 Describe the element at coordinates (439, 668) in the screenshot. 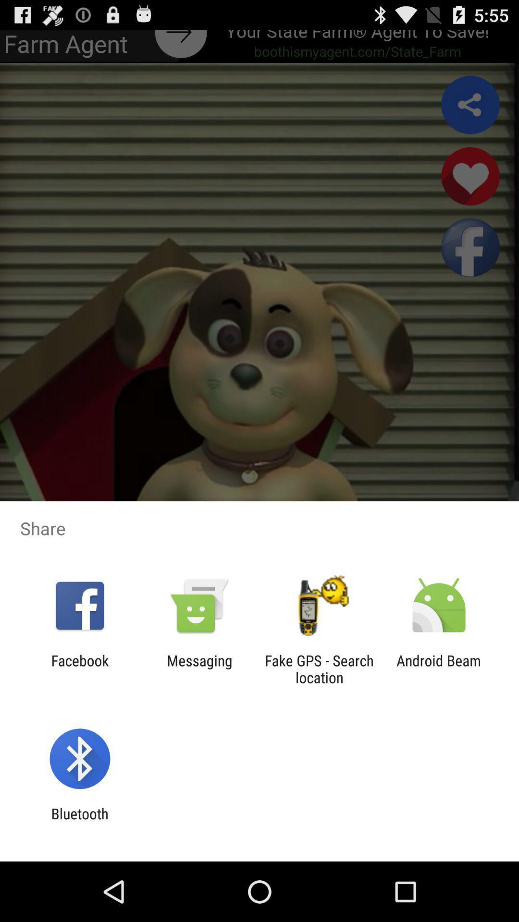

I see `android beam at the bottom right corner` at that location.